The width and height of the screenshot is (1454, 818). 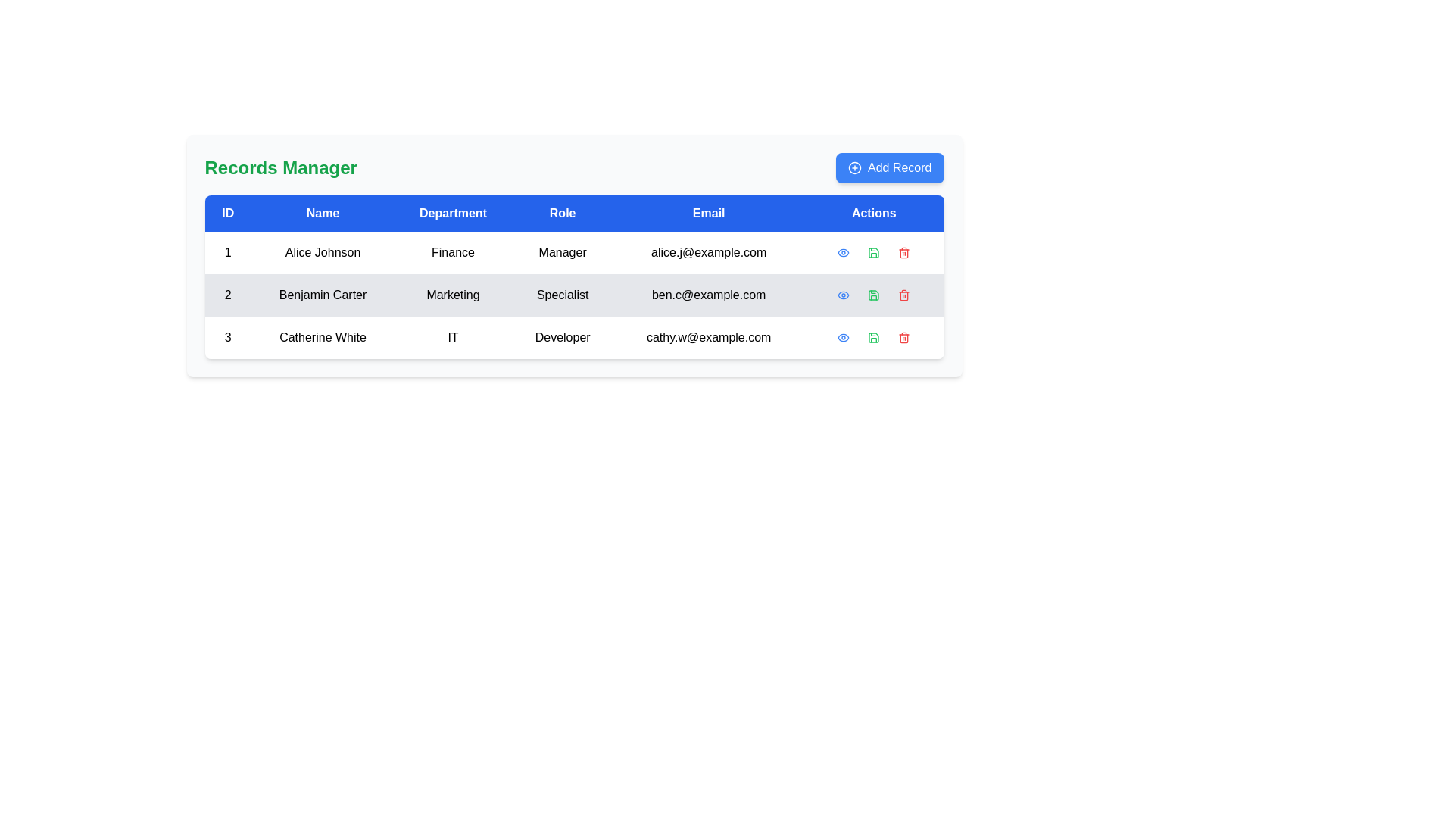 I want to click on the 'Name' column header cell in the table, which is the second column header located between the 'ID' and 'Department' headers, so click(x=322, y=213).